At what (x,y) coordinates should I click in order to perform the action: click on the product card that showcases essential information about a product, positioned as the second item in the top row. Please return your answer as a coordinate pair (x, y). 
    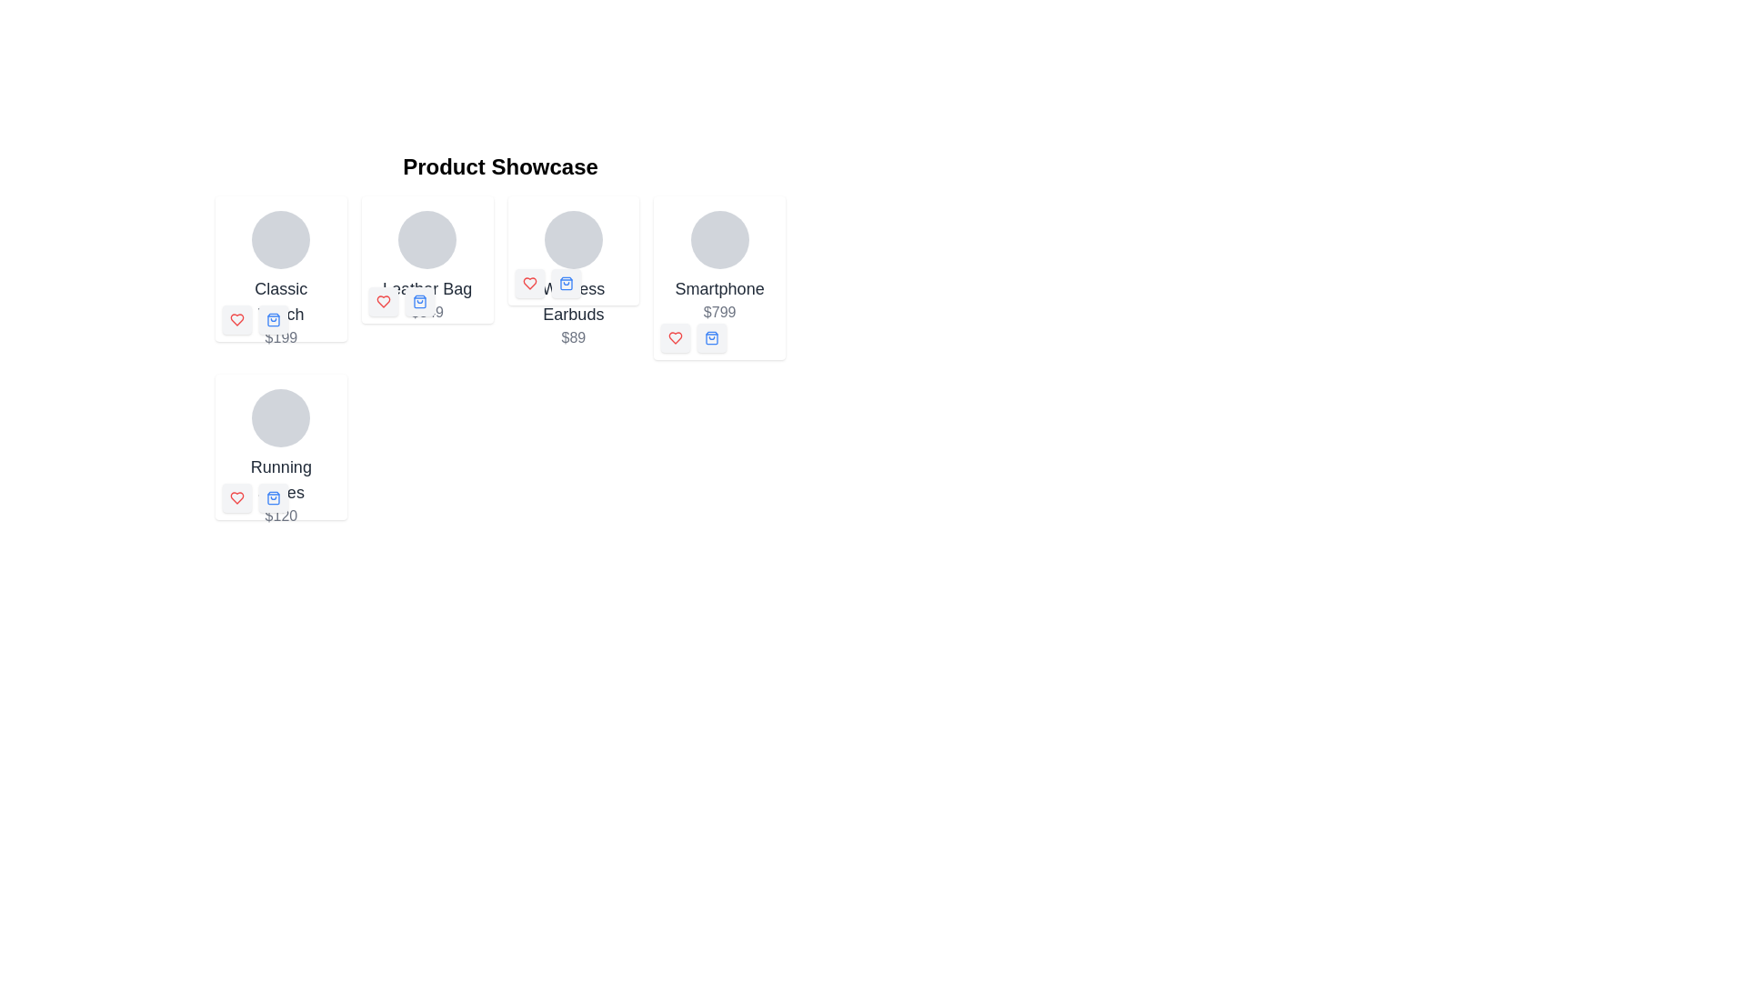
    Looking at the image, I should click on (426, 259).